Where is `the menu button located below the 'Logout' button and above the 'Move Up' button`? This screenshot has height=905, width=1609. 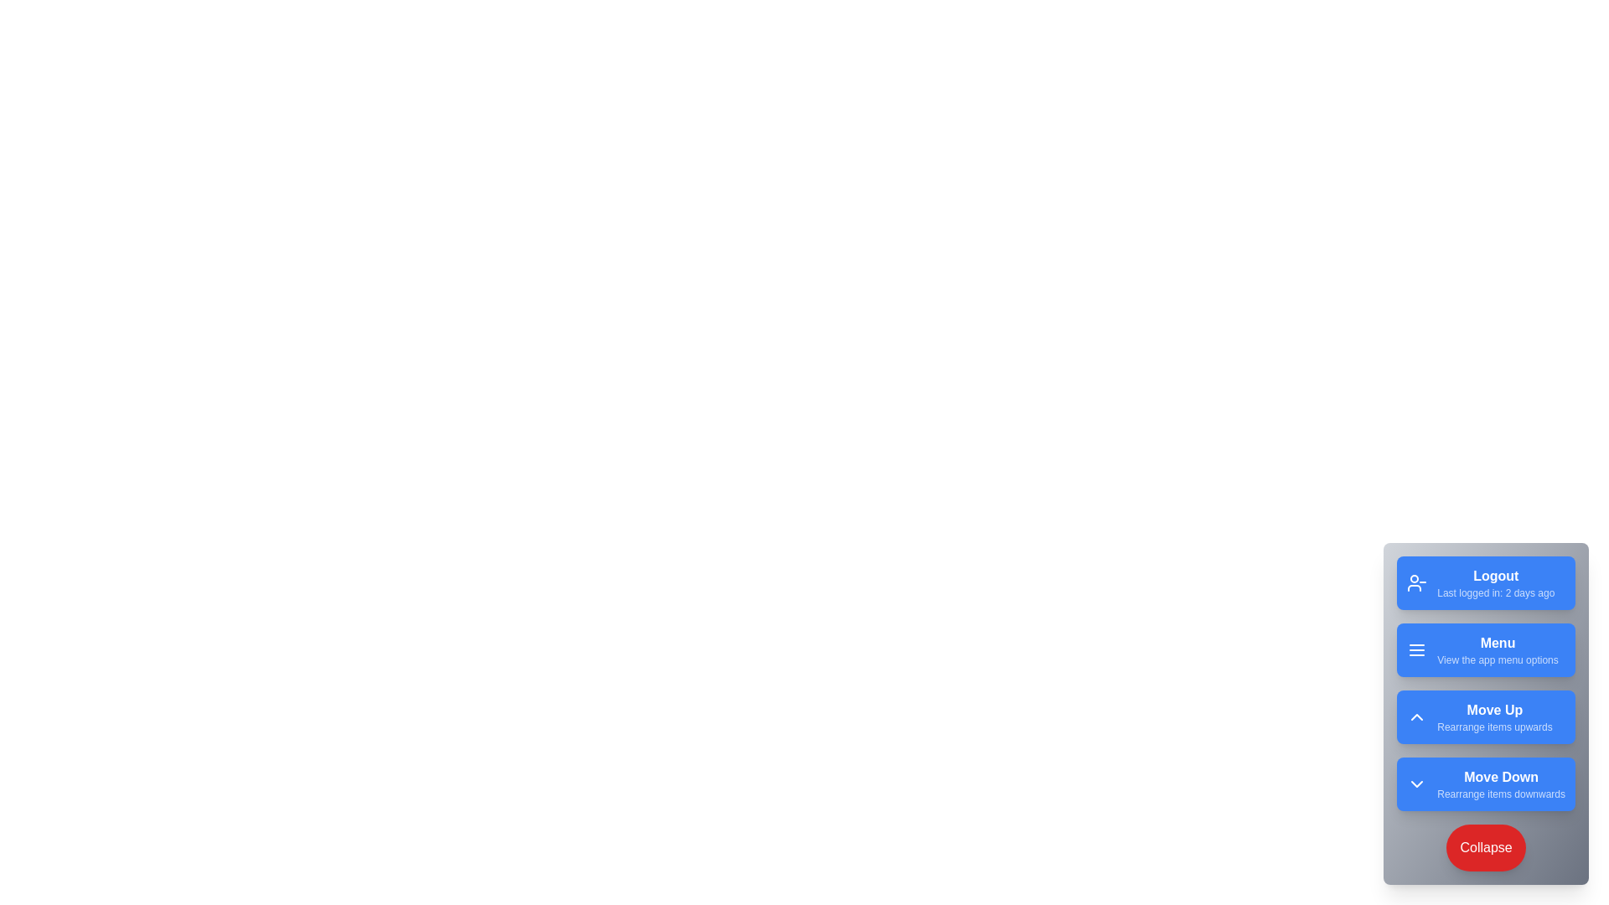 the menu button located below the 'Logout' button and above the 'Move Up' button is located at coordinates (1486, 649).